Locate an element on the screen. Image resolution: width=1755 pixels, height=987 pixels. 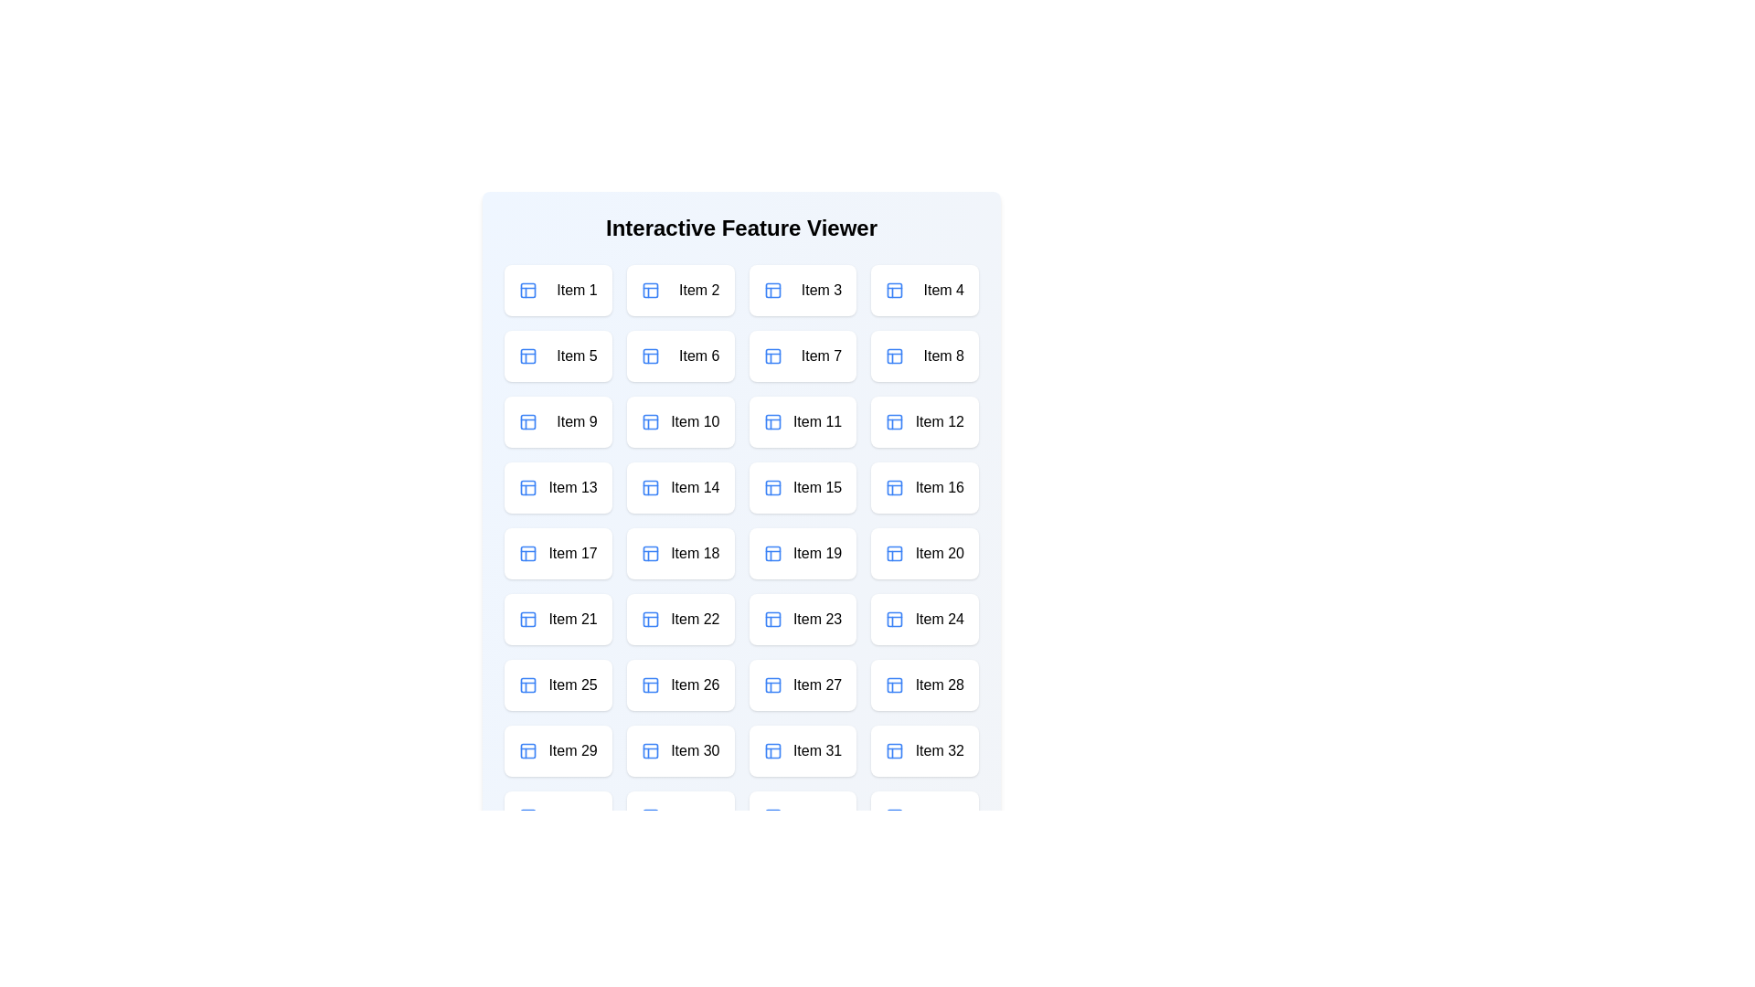
the close button to close the details view is located at coordinates (913, 183).